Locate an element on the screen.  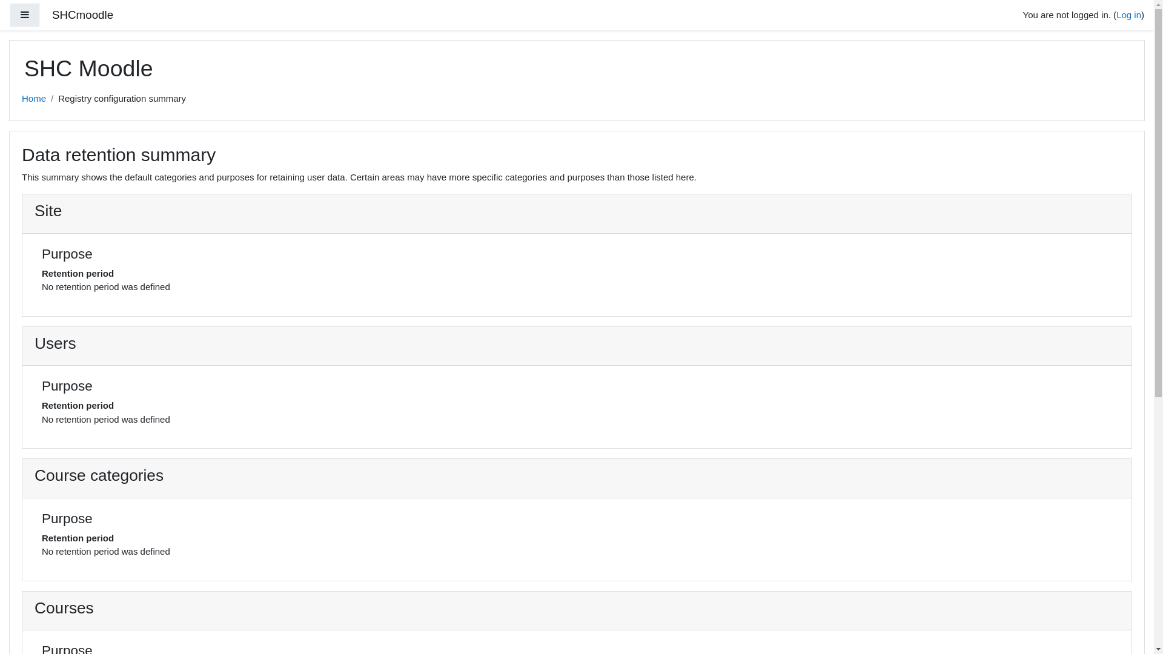
'Log in' is located at coordinates (1128, 15).